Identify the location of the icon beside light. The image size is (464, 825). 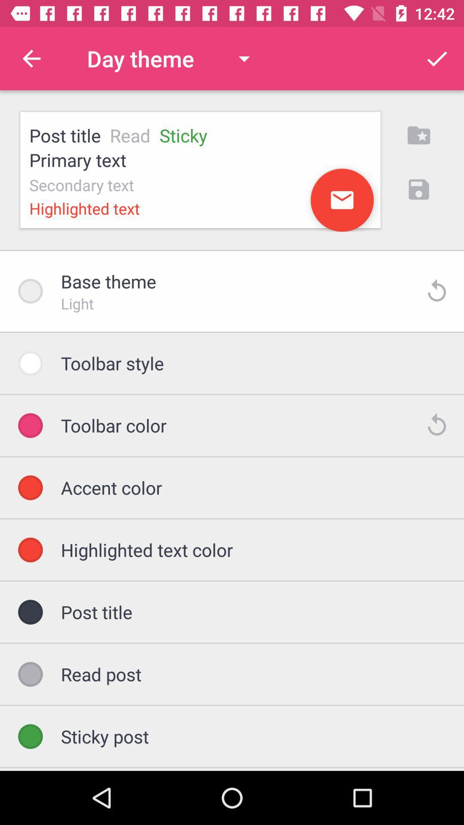
(437, 291).